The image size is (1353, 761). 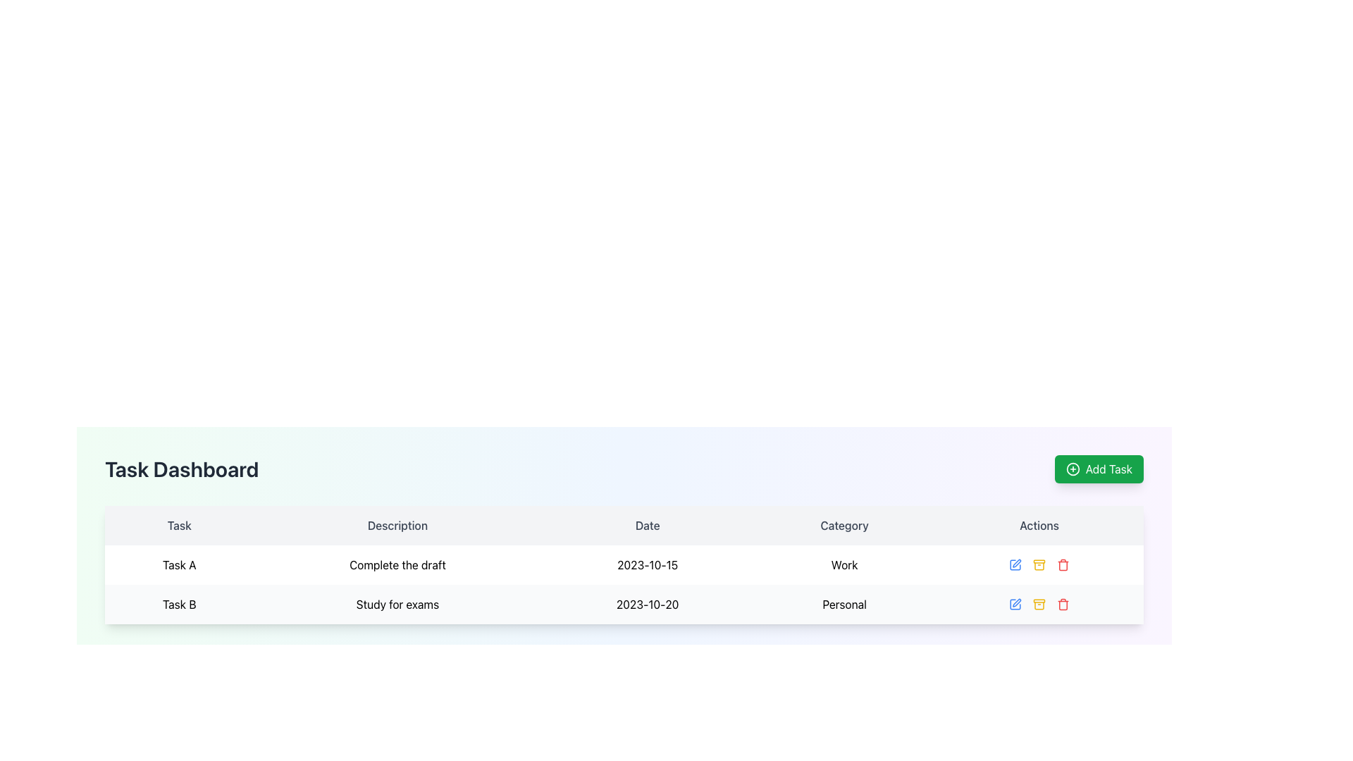 What do you see at coordinates (1017, 562) in the screenshot?
I see `the blue pen icon in the second row of the task table's 'Actions' column` at bounding box center [1017, 562].